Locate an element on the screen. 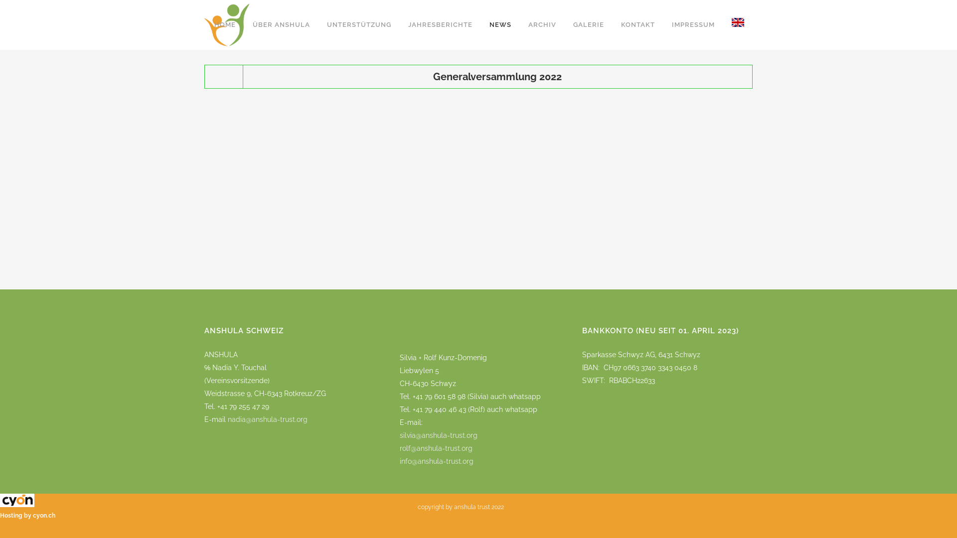 Image resolution: width=957 pixels, height=538 pixels. 'silvia@anshula-trust.org' is located at coordinates (438, 435).